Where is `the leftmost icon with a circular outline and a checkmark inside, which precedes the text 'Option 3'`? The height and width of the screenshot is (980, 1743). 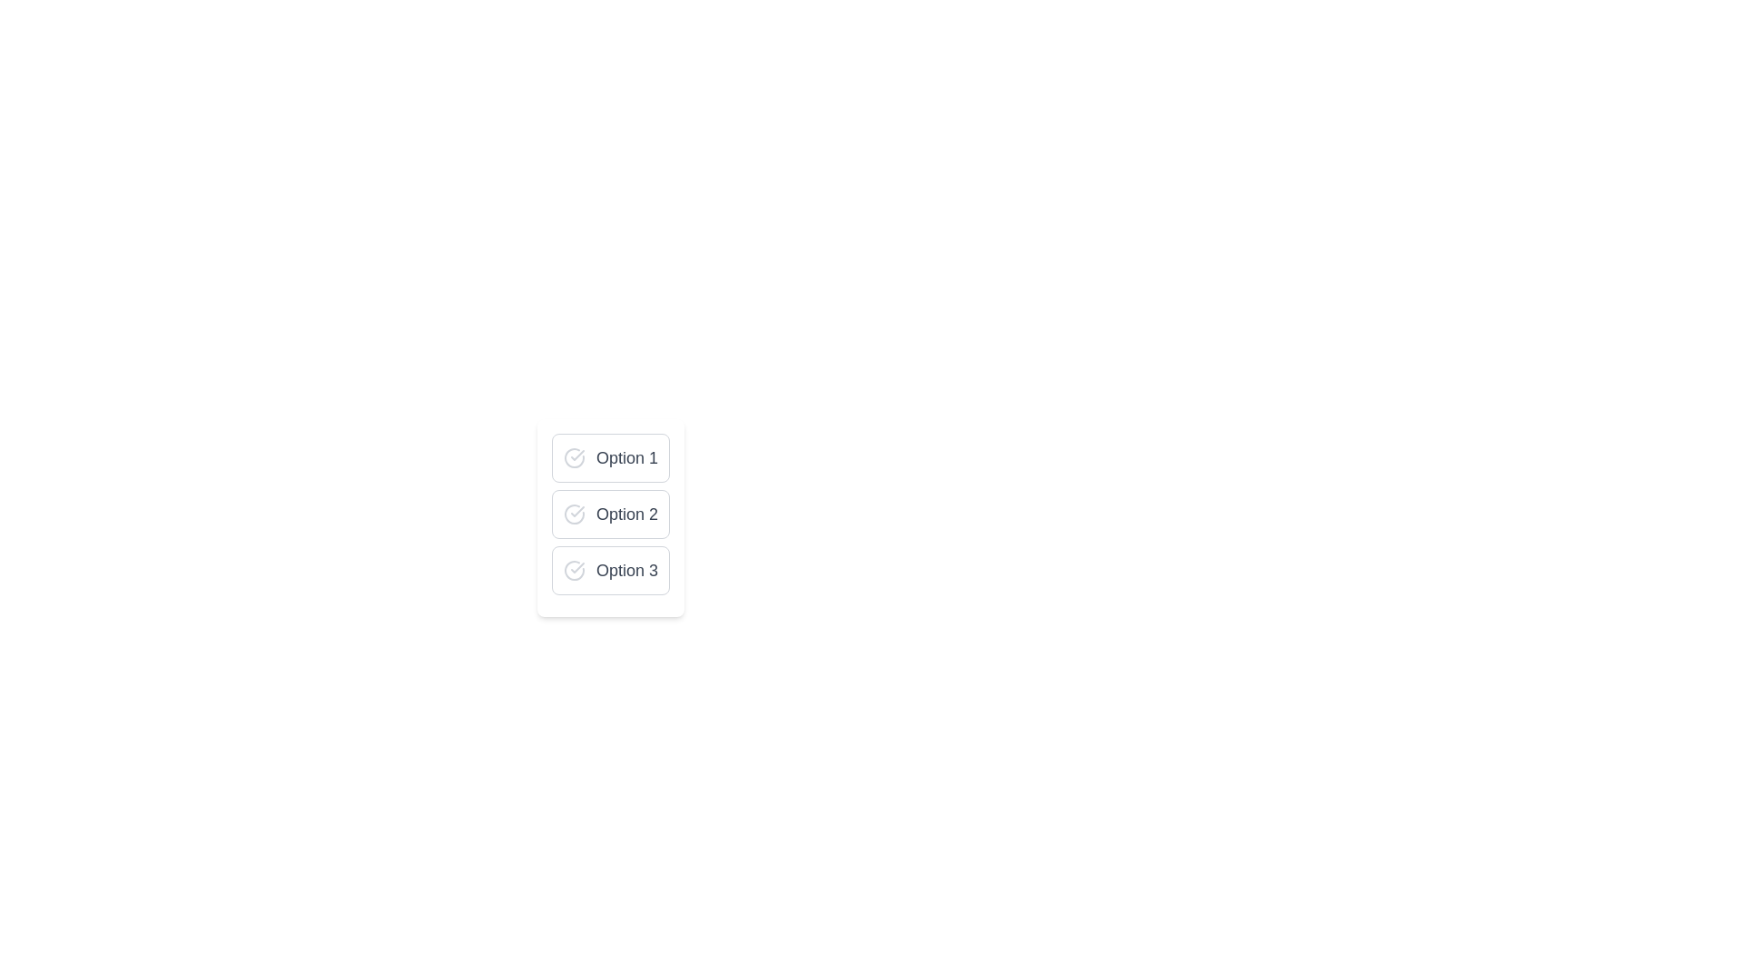
the leftmost icon with a circular outline and a checkmark inside, which precedes the text 'Option 3' is located at coordinates (574, 569).